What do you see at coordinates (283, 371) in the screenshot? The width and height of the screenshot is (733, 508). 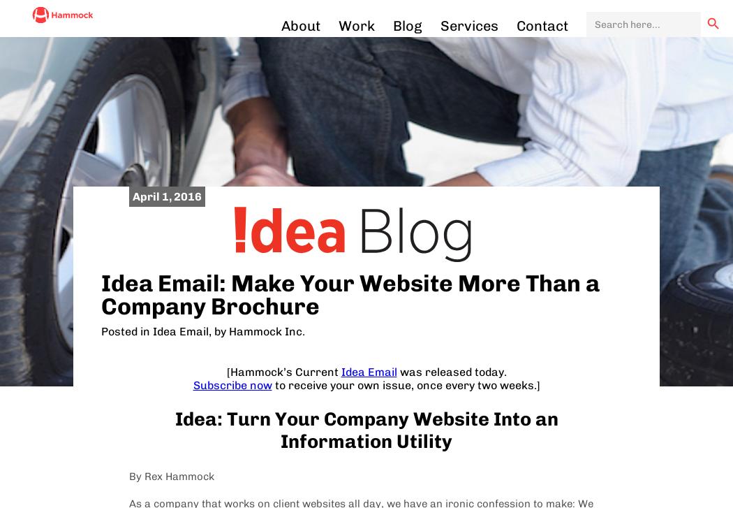 I see `'[Hammock’s Current'` at bounding box center [283, 371].